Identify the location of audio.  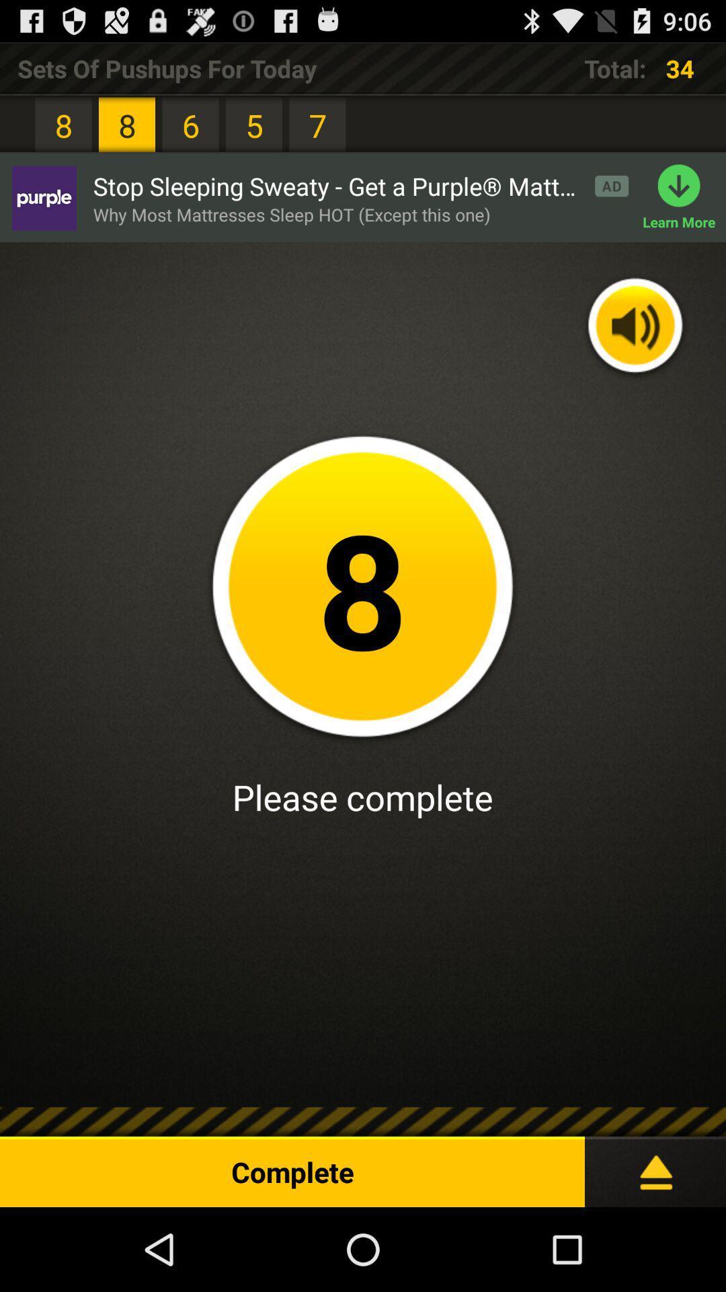
(635, 327).